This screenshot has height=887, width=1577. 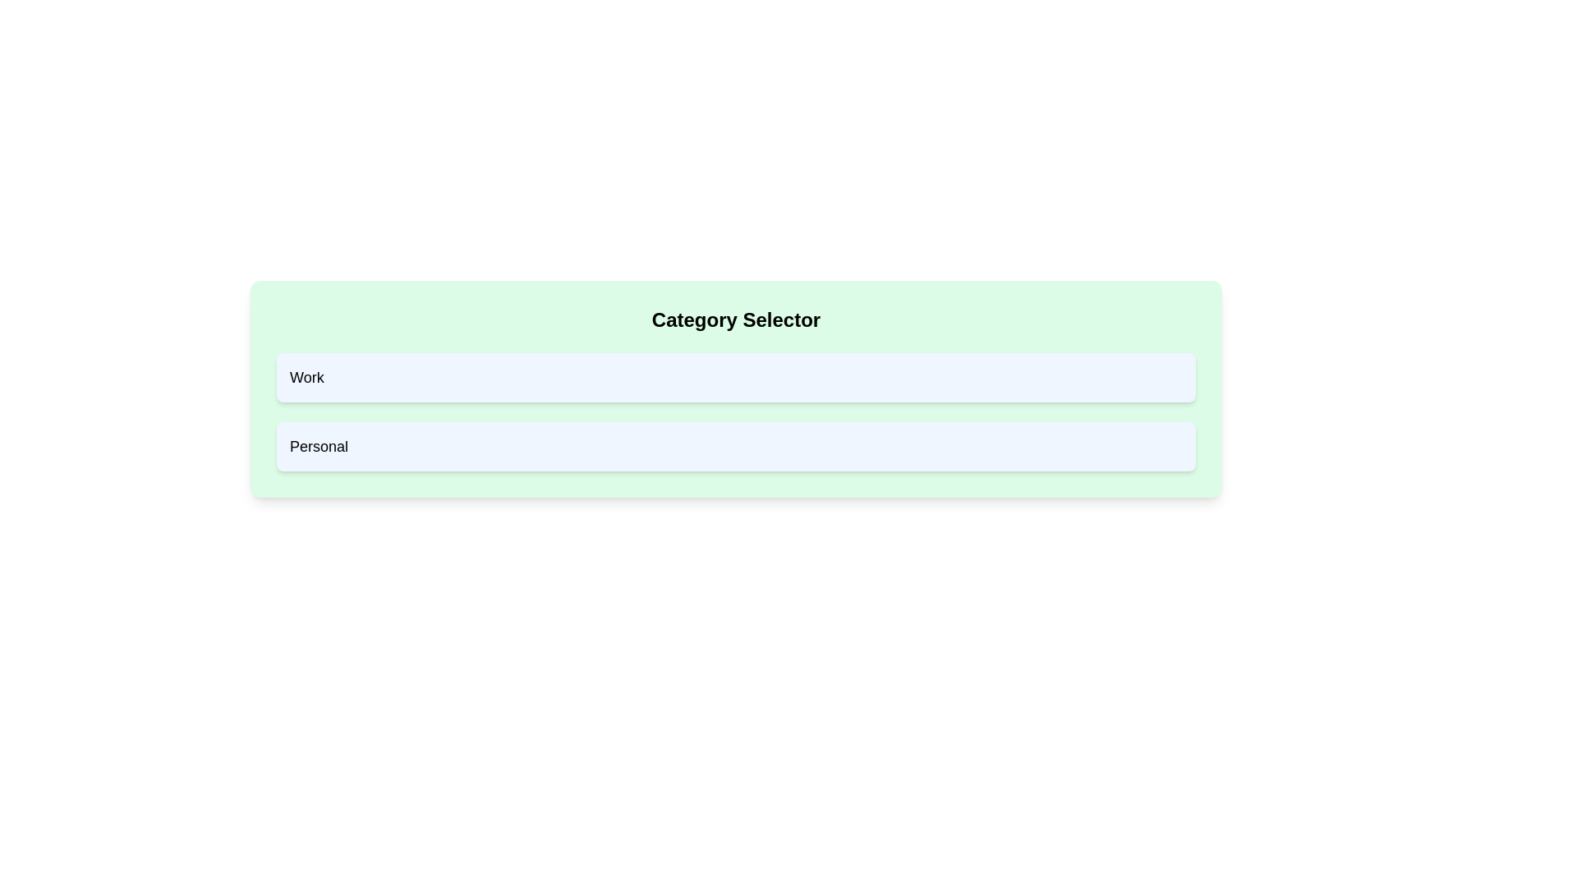 What do you see at coordinates (735, 377) in the screenshot?
I see `the category Work` at bounding box center [735, 377].